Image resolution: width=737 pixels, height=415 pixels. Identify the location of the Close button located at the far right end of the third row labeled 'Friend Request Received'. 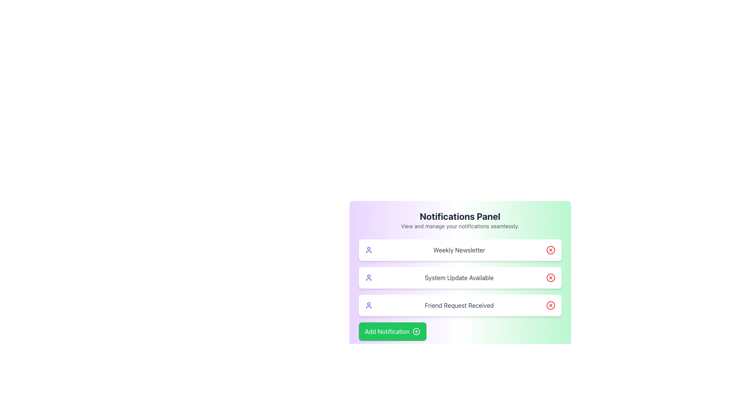
(550, 305).